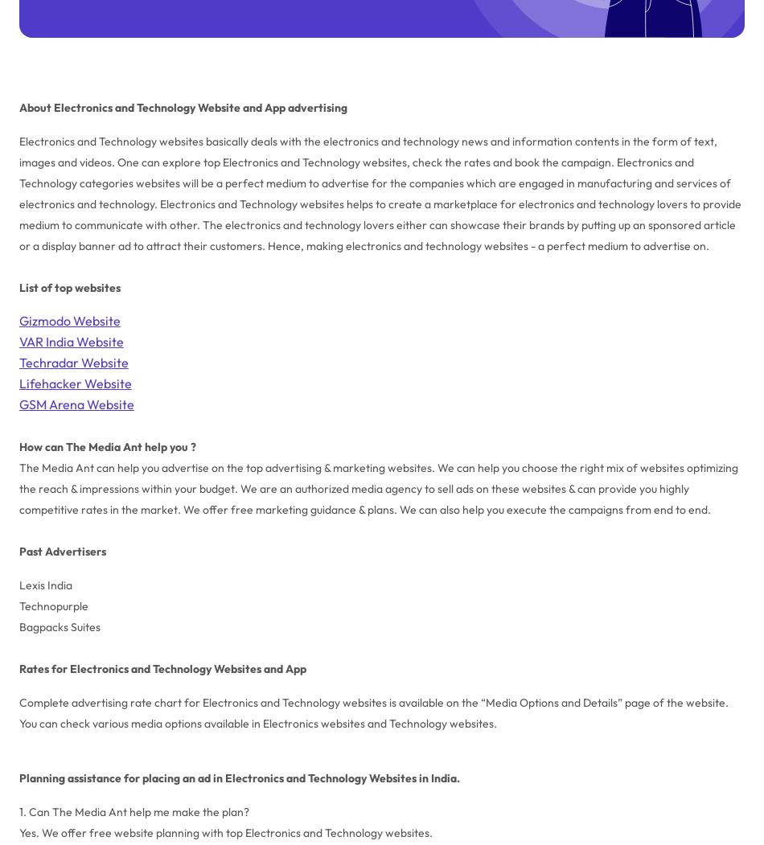 The width and height of the screenshot is (764, 845). Describe the element at coordinates (237, 777) in the screenshot. I see `'Planning assistance for placing an ad in Electronics and Technology Websites in India.'` at that location.